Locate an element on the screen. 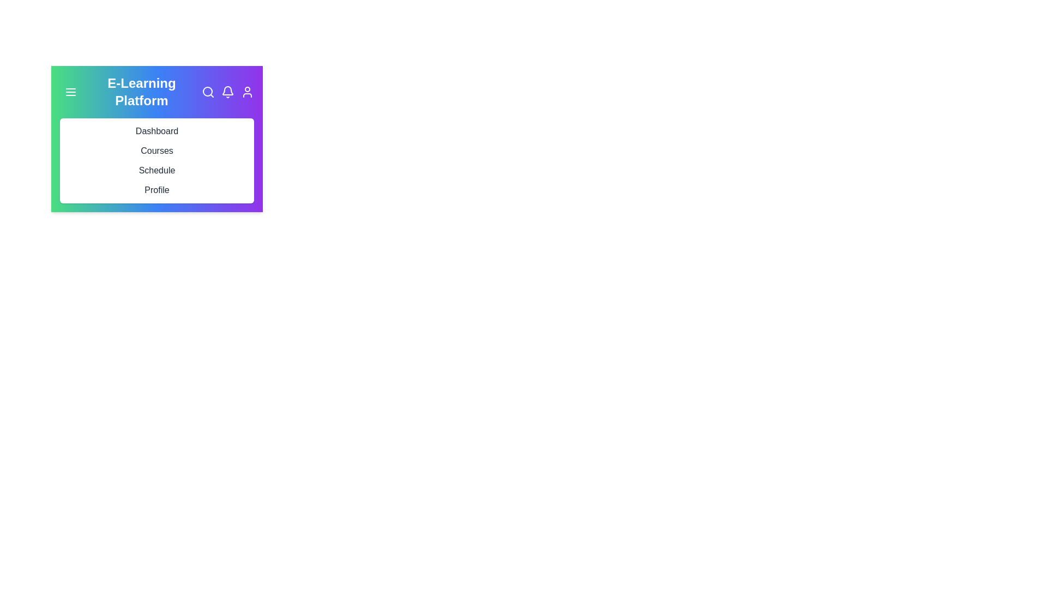 This screenshot has width=1047, height=589. the menu icon to toggle the side menu is located at coordinates (70, 92).